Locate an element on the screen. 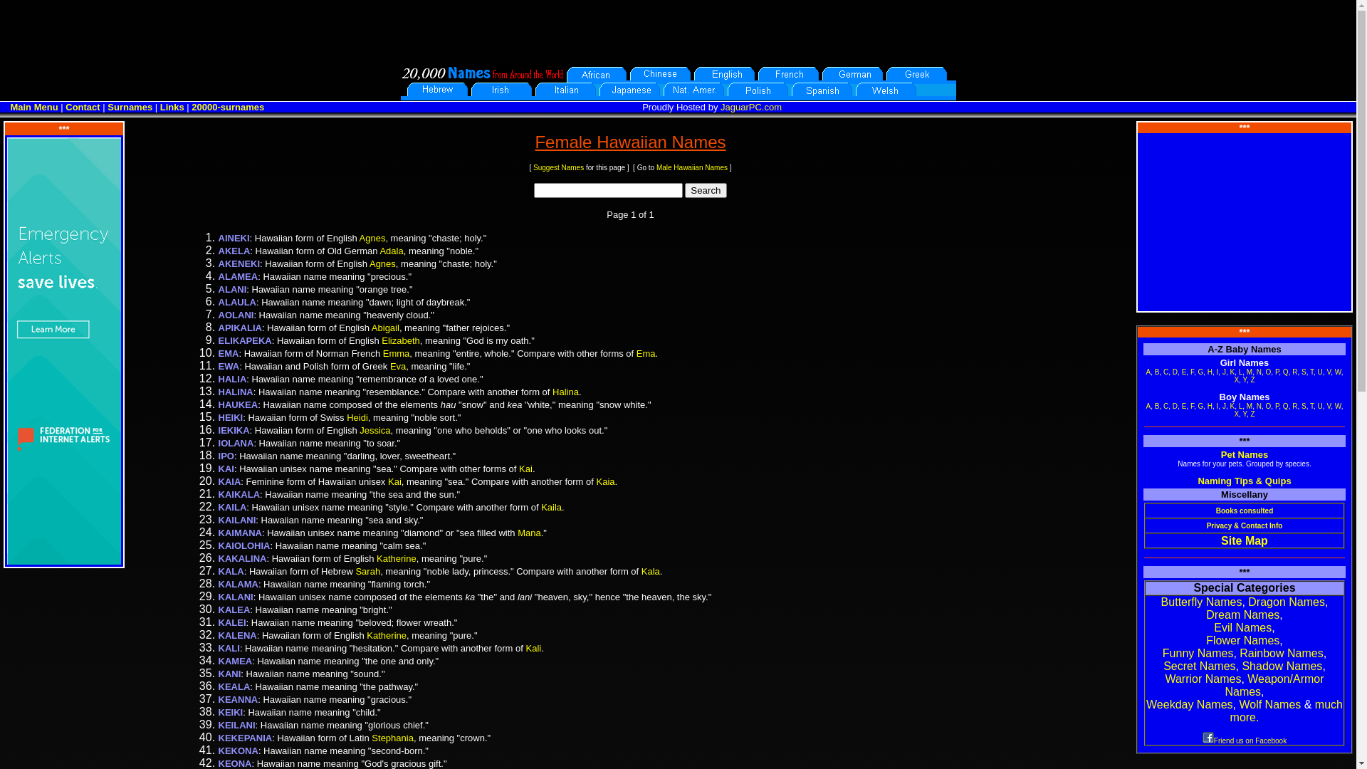 The height and width of the screenshot is (769, 1367). 'Adala' is located at coordinates (391, 250).